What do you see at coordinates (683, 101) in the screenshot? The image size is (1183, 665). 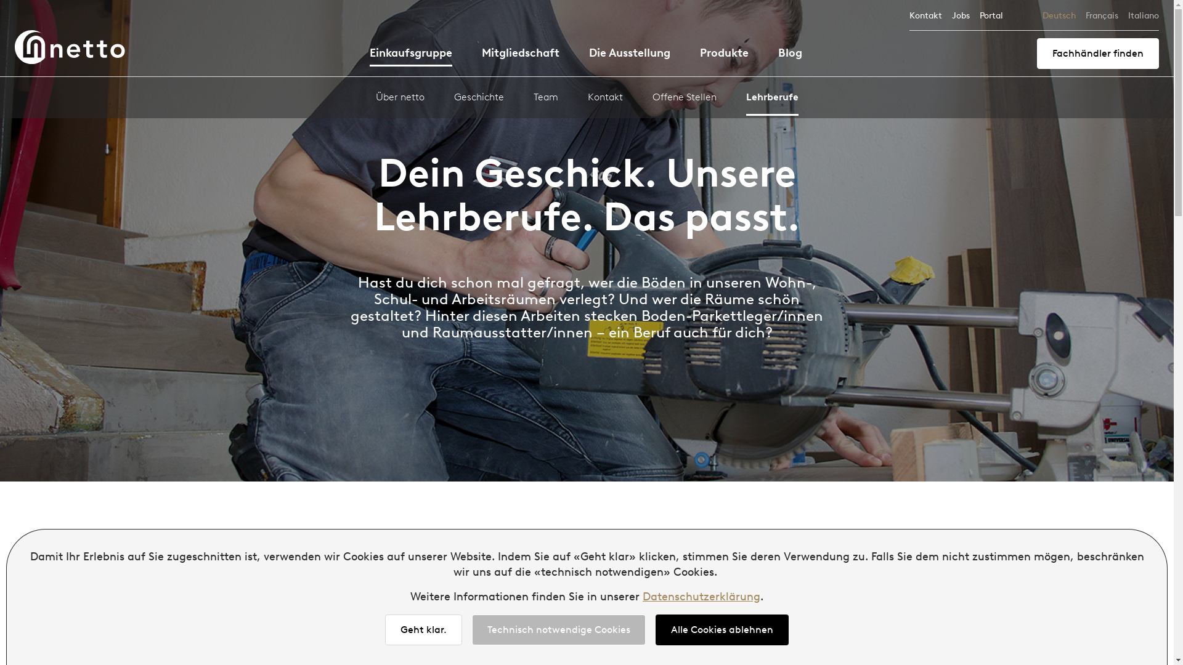 I see `'Offene Stellen'` at bounding box center [683, 101].